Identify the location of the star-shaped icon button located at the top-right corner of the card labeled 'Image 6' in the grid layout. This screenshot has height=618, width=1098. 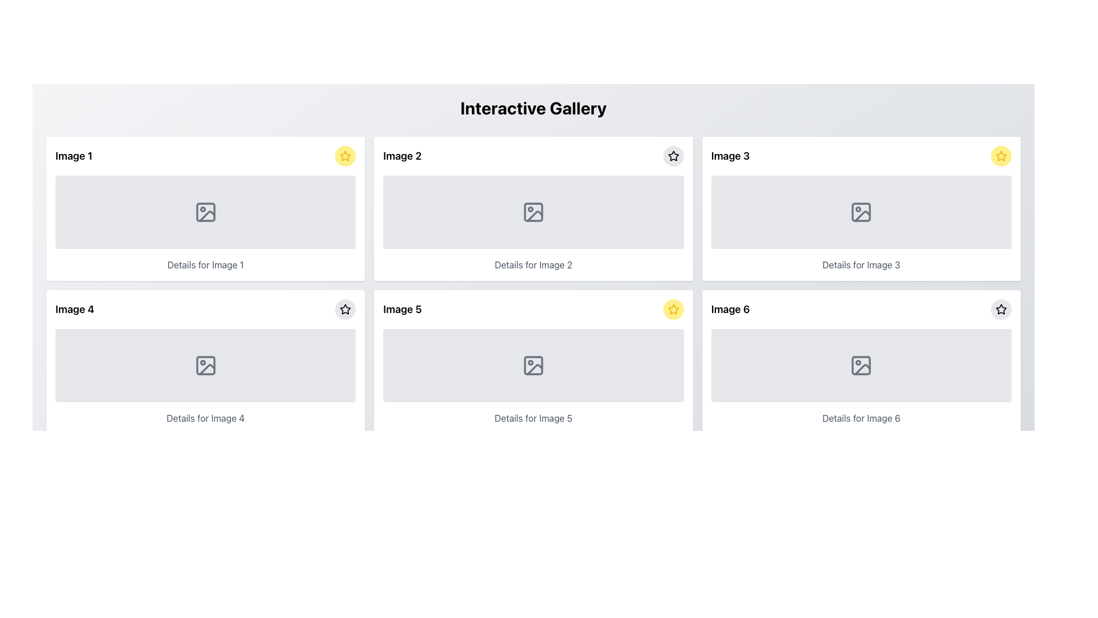
(1001, 309).